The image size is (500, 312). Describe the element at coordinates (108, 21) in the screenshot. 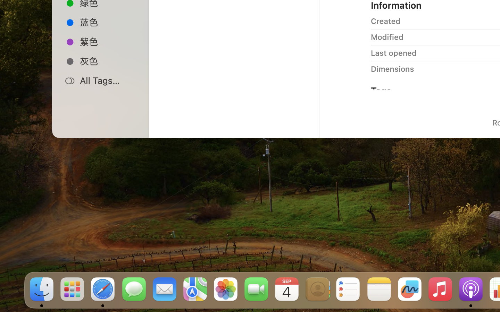

I see `'蓝色'` at that location.